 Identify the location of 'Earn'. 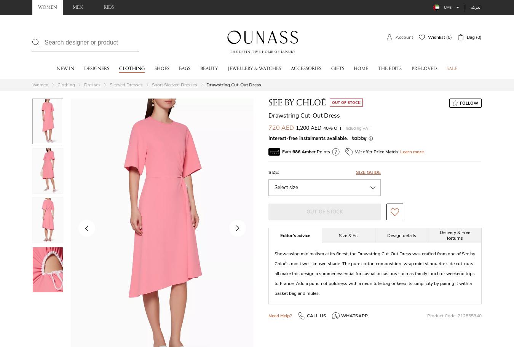
(287, 152).